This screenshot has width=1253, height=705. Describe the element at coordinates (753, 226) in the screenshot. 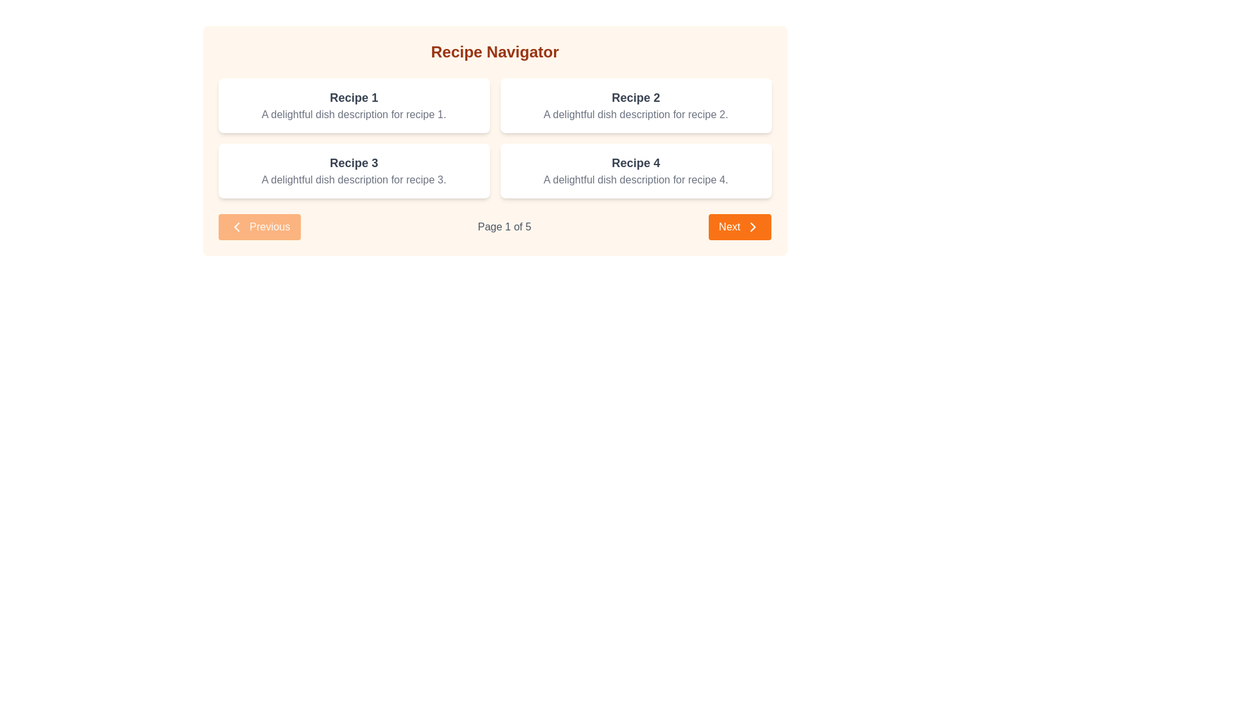

I see `the forward icon located inside the 'Next' button at the bottom-right corner of the navigation section` at that location.